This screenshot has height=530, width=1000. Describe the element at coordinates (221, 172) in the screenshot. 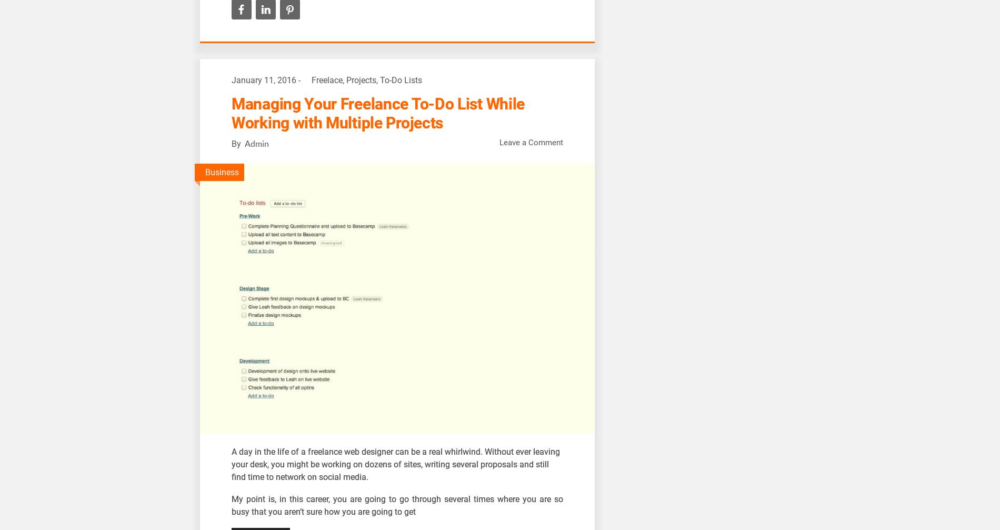

I see `'Business'` at that location.